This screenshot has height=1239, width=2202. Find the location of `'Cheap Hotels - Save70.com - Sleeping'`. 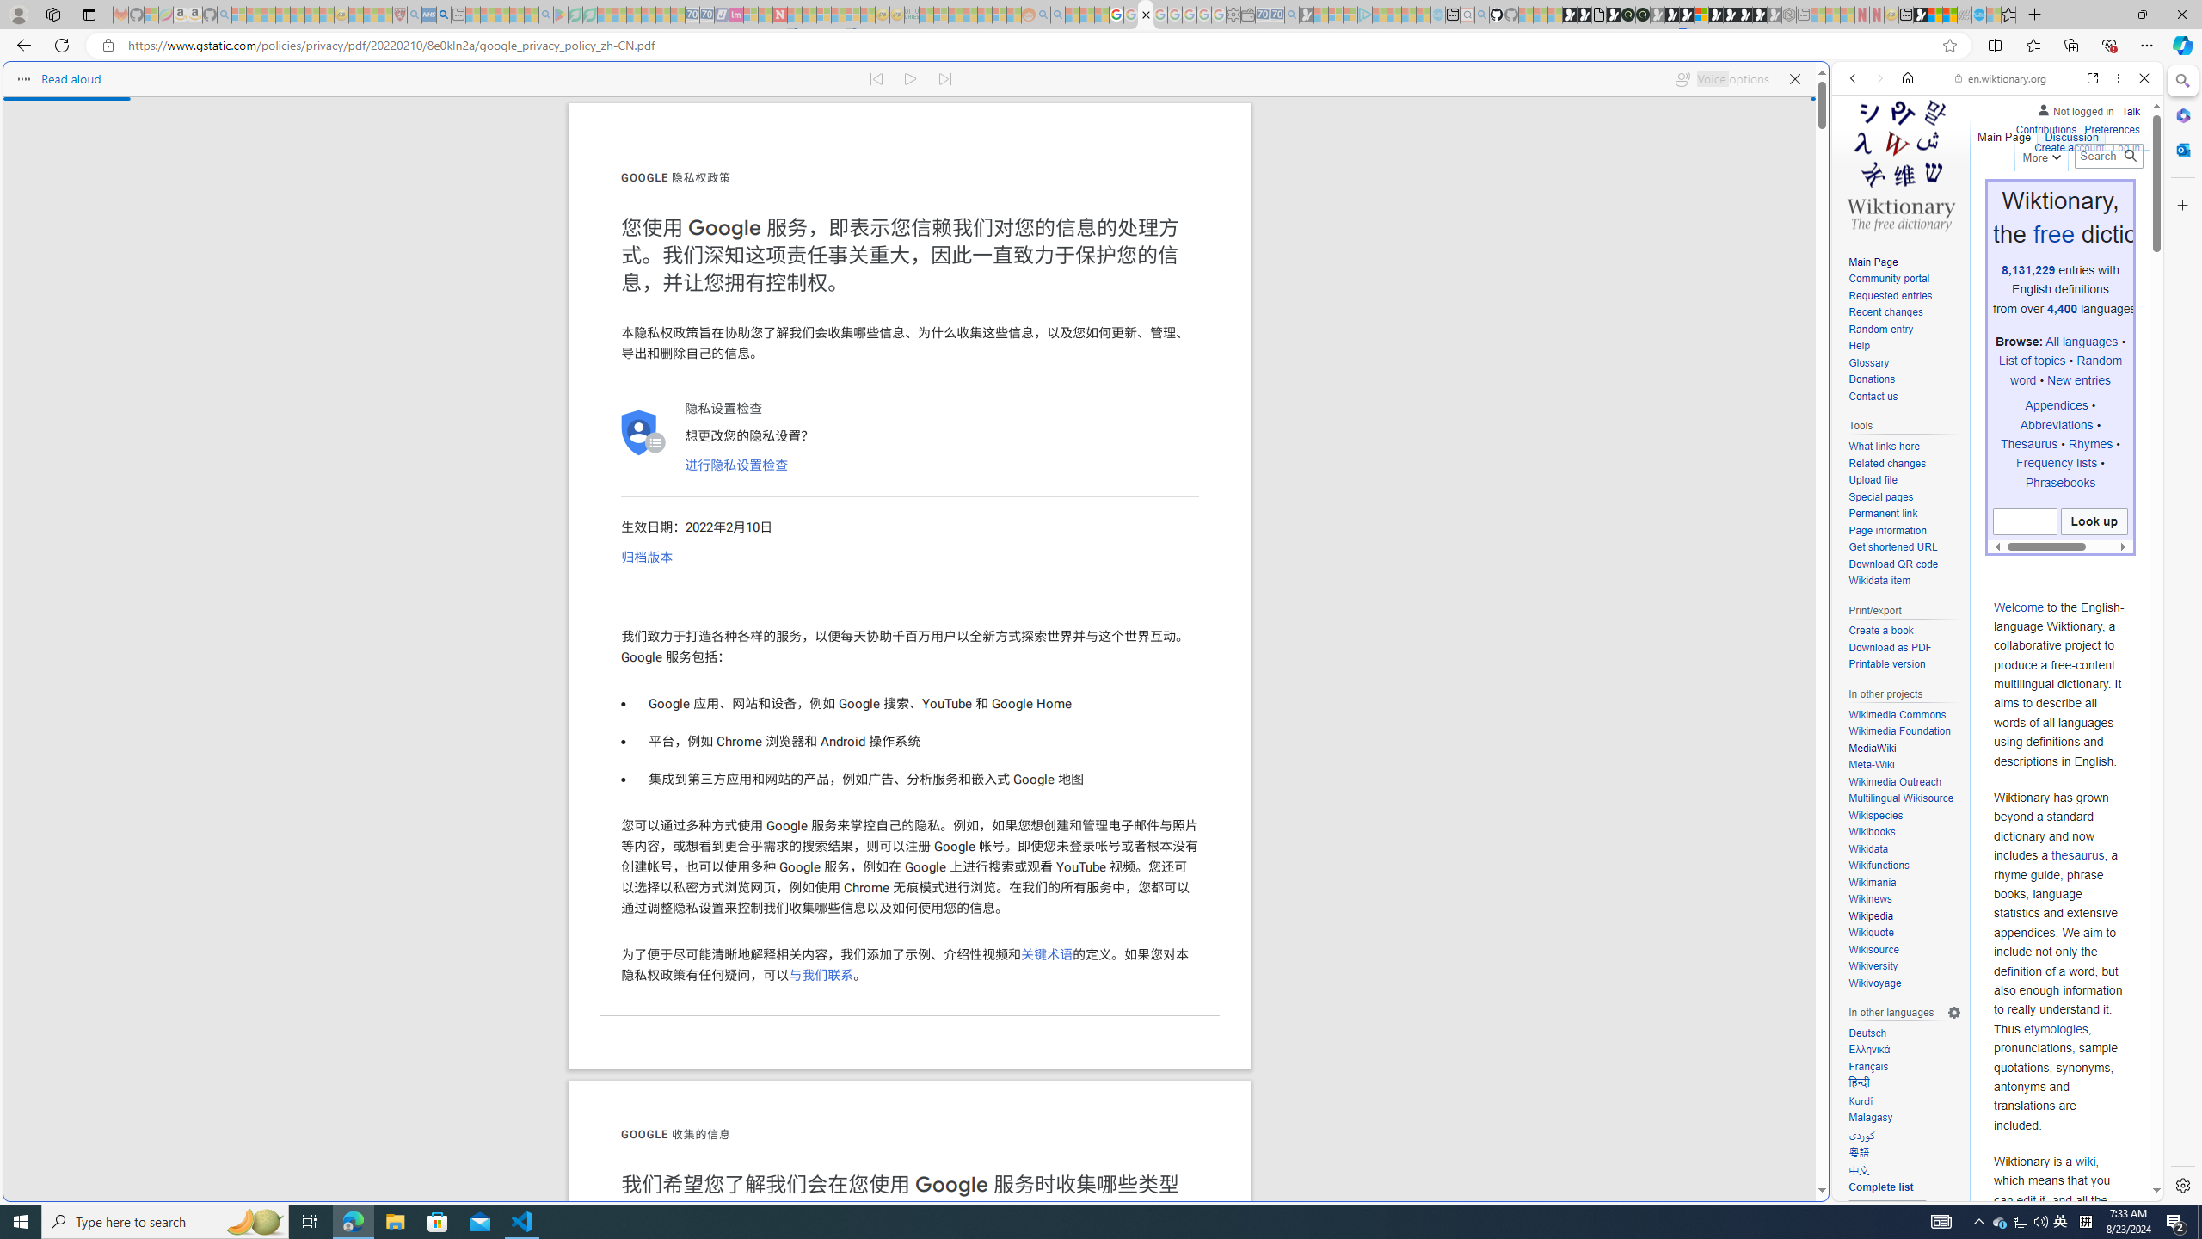

'Cheap Hotels - Save70.com - Sleeping' is located at coordinates (705, 14).